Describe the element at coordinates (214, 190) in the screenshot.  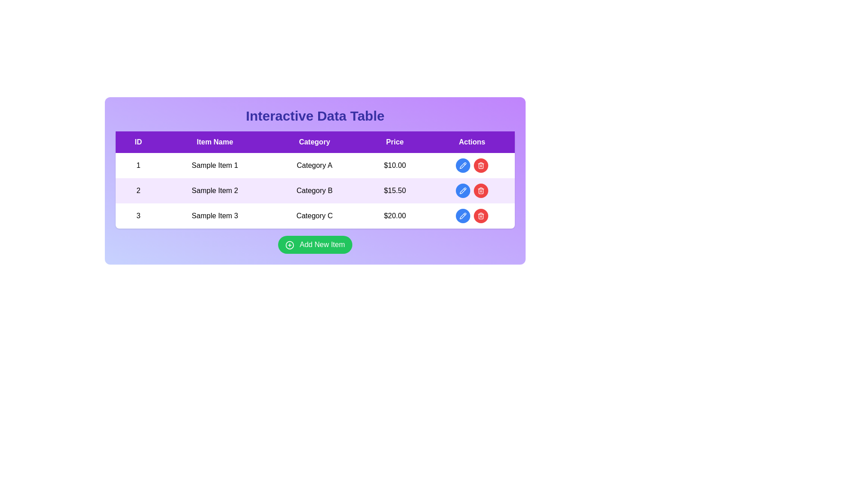
I see `the static text field displaying the item name located in the second row of the table under the header 'Item Name'` at that location.